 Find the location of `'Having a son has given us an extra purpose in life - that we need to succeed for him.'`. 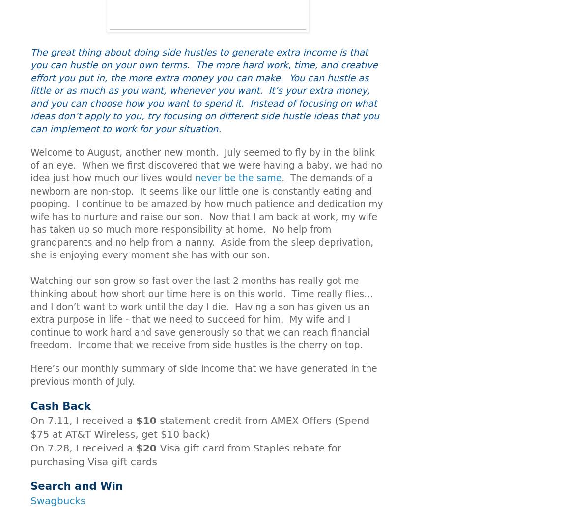

'Having a son has given us an extra purpose in life - that we need to succeed for him.' is located at coordinates (199, 312).